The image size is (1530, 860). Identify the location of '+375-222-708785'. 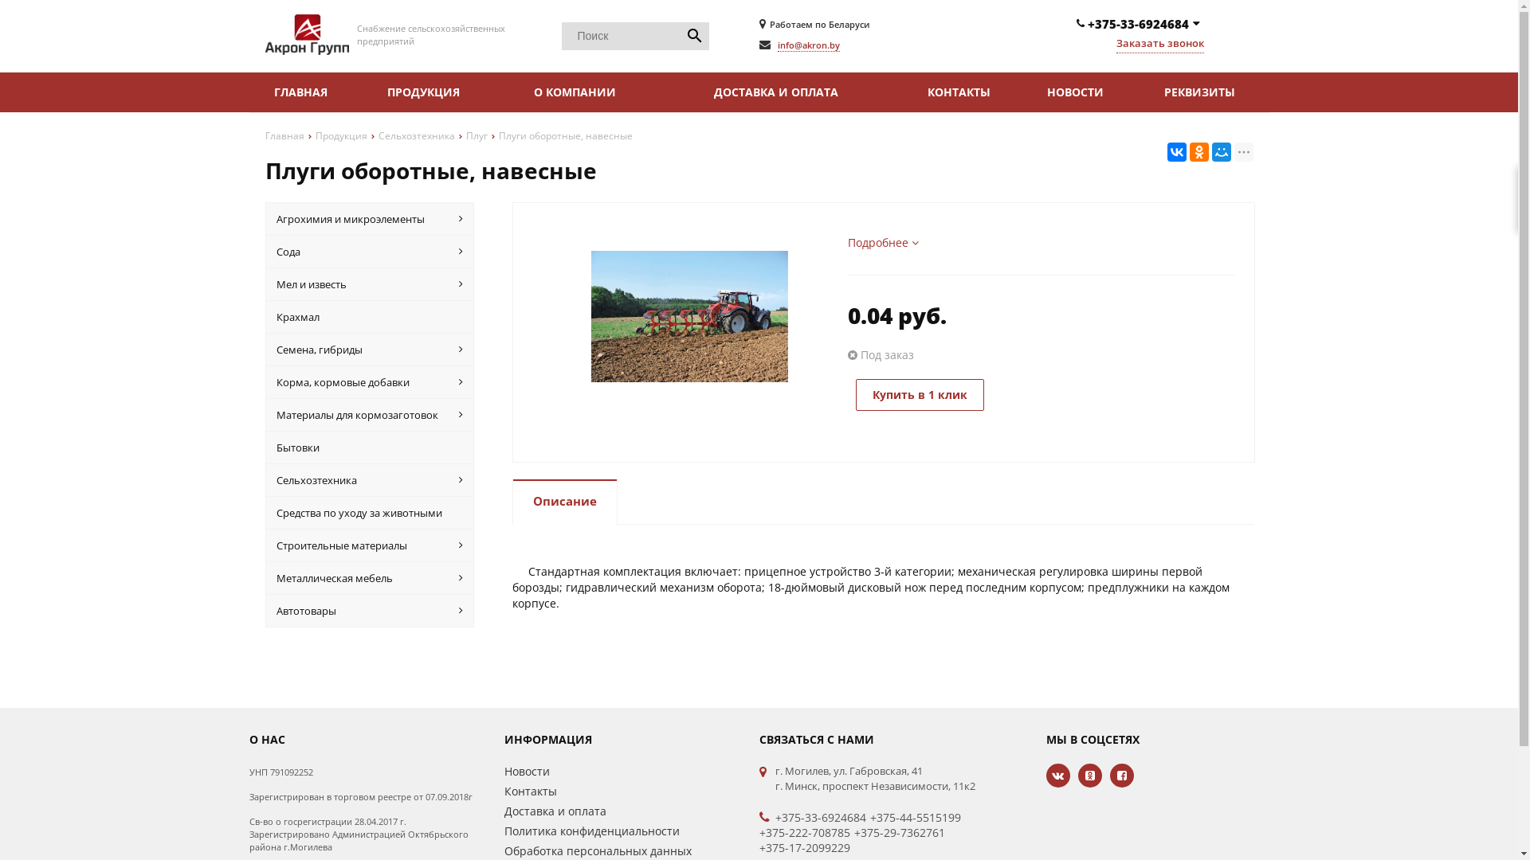
(803, 831).